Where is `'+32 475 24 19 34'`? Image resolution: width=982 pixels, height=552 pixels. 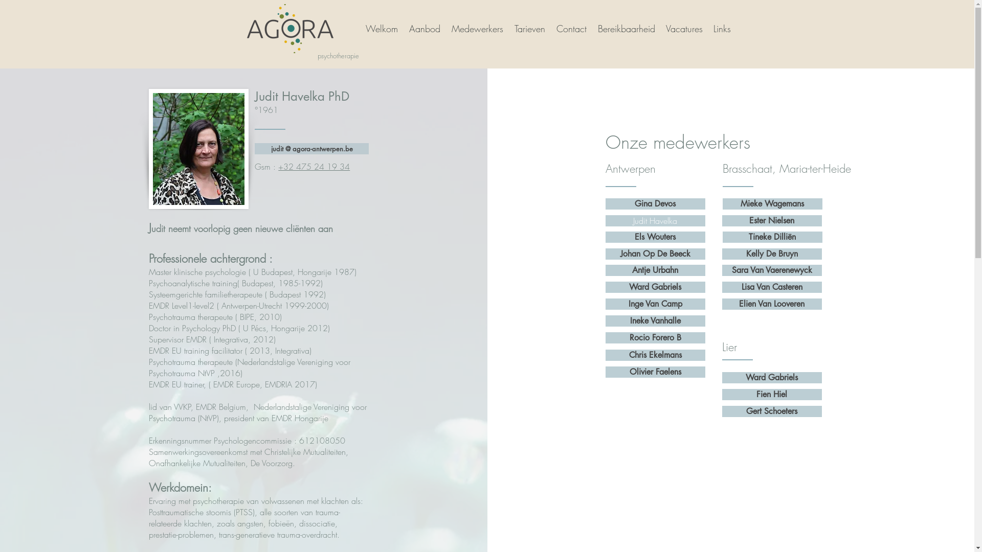 '+32 475 24 19 34' is located at coordinates (314, 166).